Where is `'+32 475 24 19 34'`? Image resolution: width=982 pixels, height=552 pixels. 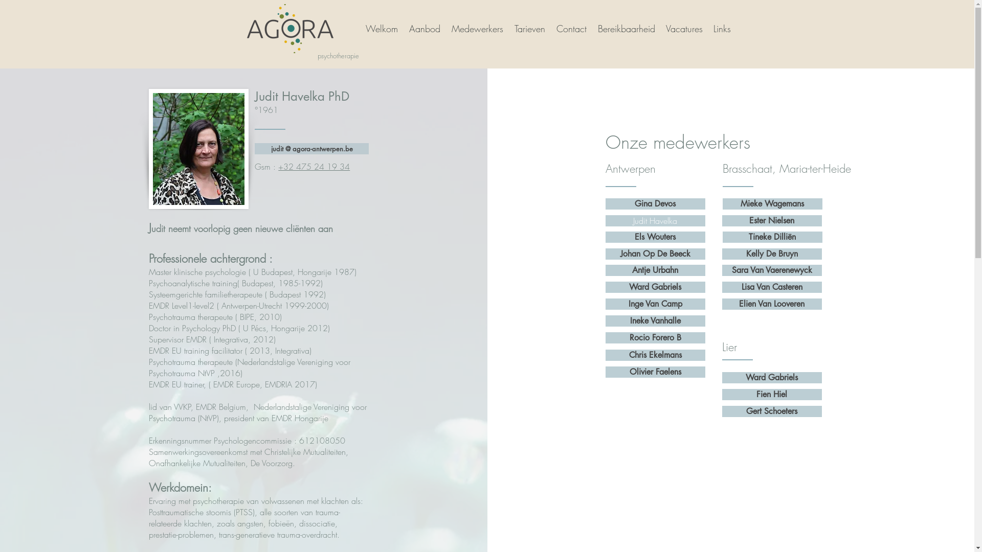 '+32 475 24 19 34' is located at coordinates (314, 166).